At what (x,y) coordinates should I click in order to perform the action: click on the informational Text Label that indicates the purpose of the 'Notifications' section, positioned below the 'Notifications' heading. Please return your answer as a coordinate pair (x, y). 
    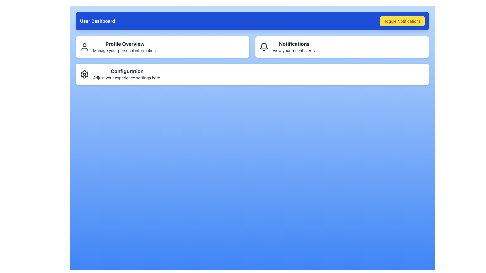
    Looking at the image, I should click on (294, 51).